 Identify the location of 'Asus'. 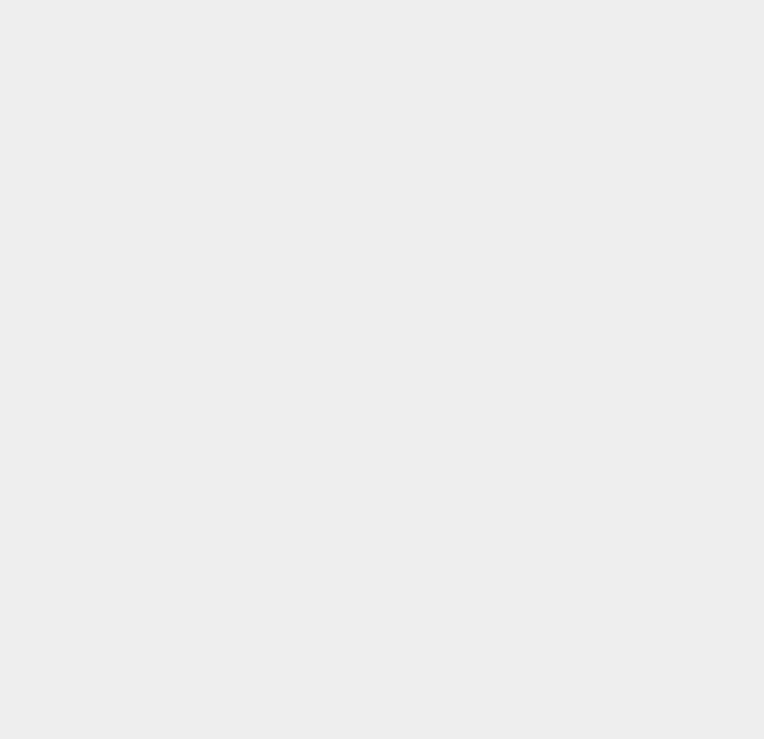
(551, 295).